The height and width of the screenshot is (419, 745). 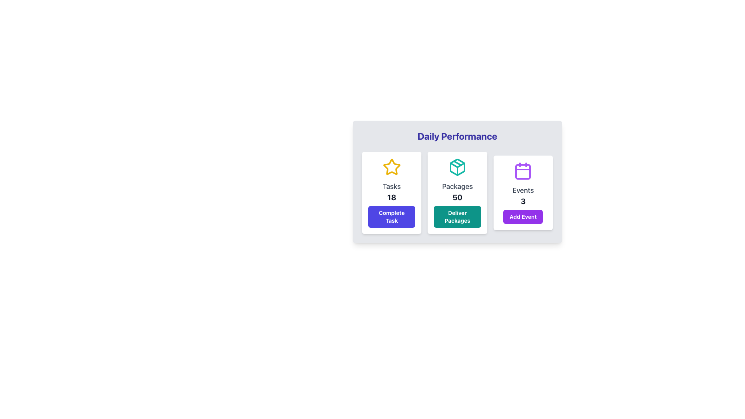 What do you see at coordinates (457, 136) in the screenshot?
I see `the heading text that reads 'Daily Performance', which is styled in bold, large indigo font and positioned at the top-center of the card layout` at bounding box center [457, 136].